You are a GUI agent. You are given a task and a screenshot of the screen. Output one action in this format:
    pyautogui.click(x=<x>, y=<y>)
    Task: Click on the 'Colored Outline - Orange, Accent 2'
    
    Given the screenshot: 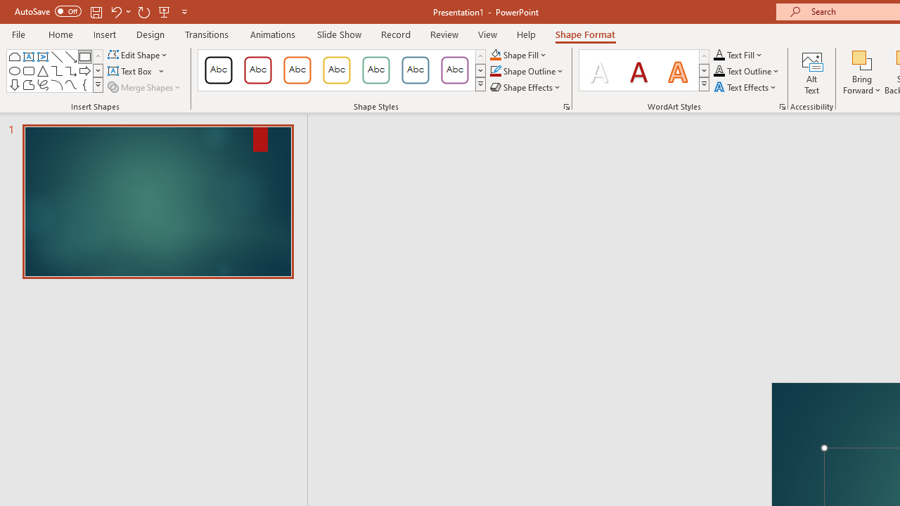 What is the action you would take?
    pyautogui.click(x=297, y=70)
    